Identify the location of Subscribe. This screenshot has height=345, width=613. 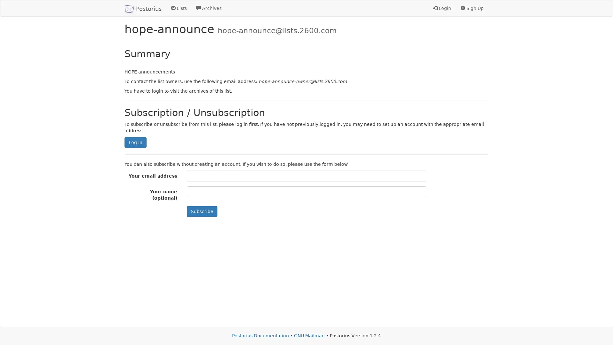
(202, 211).